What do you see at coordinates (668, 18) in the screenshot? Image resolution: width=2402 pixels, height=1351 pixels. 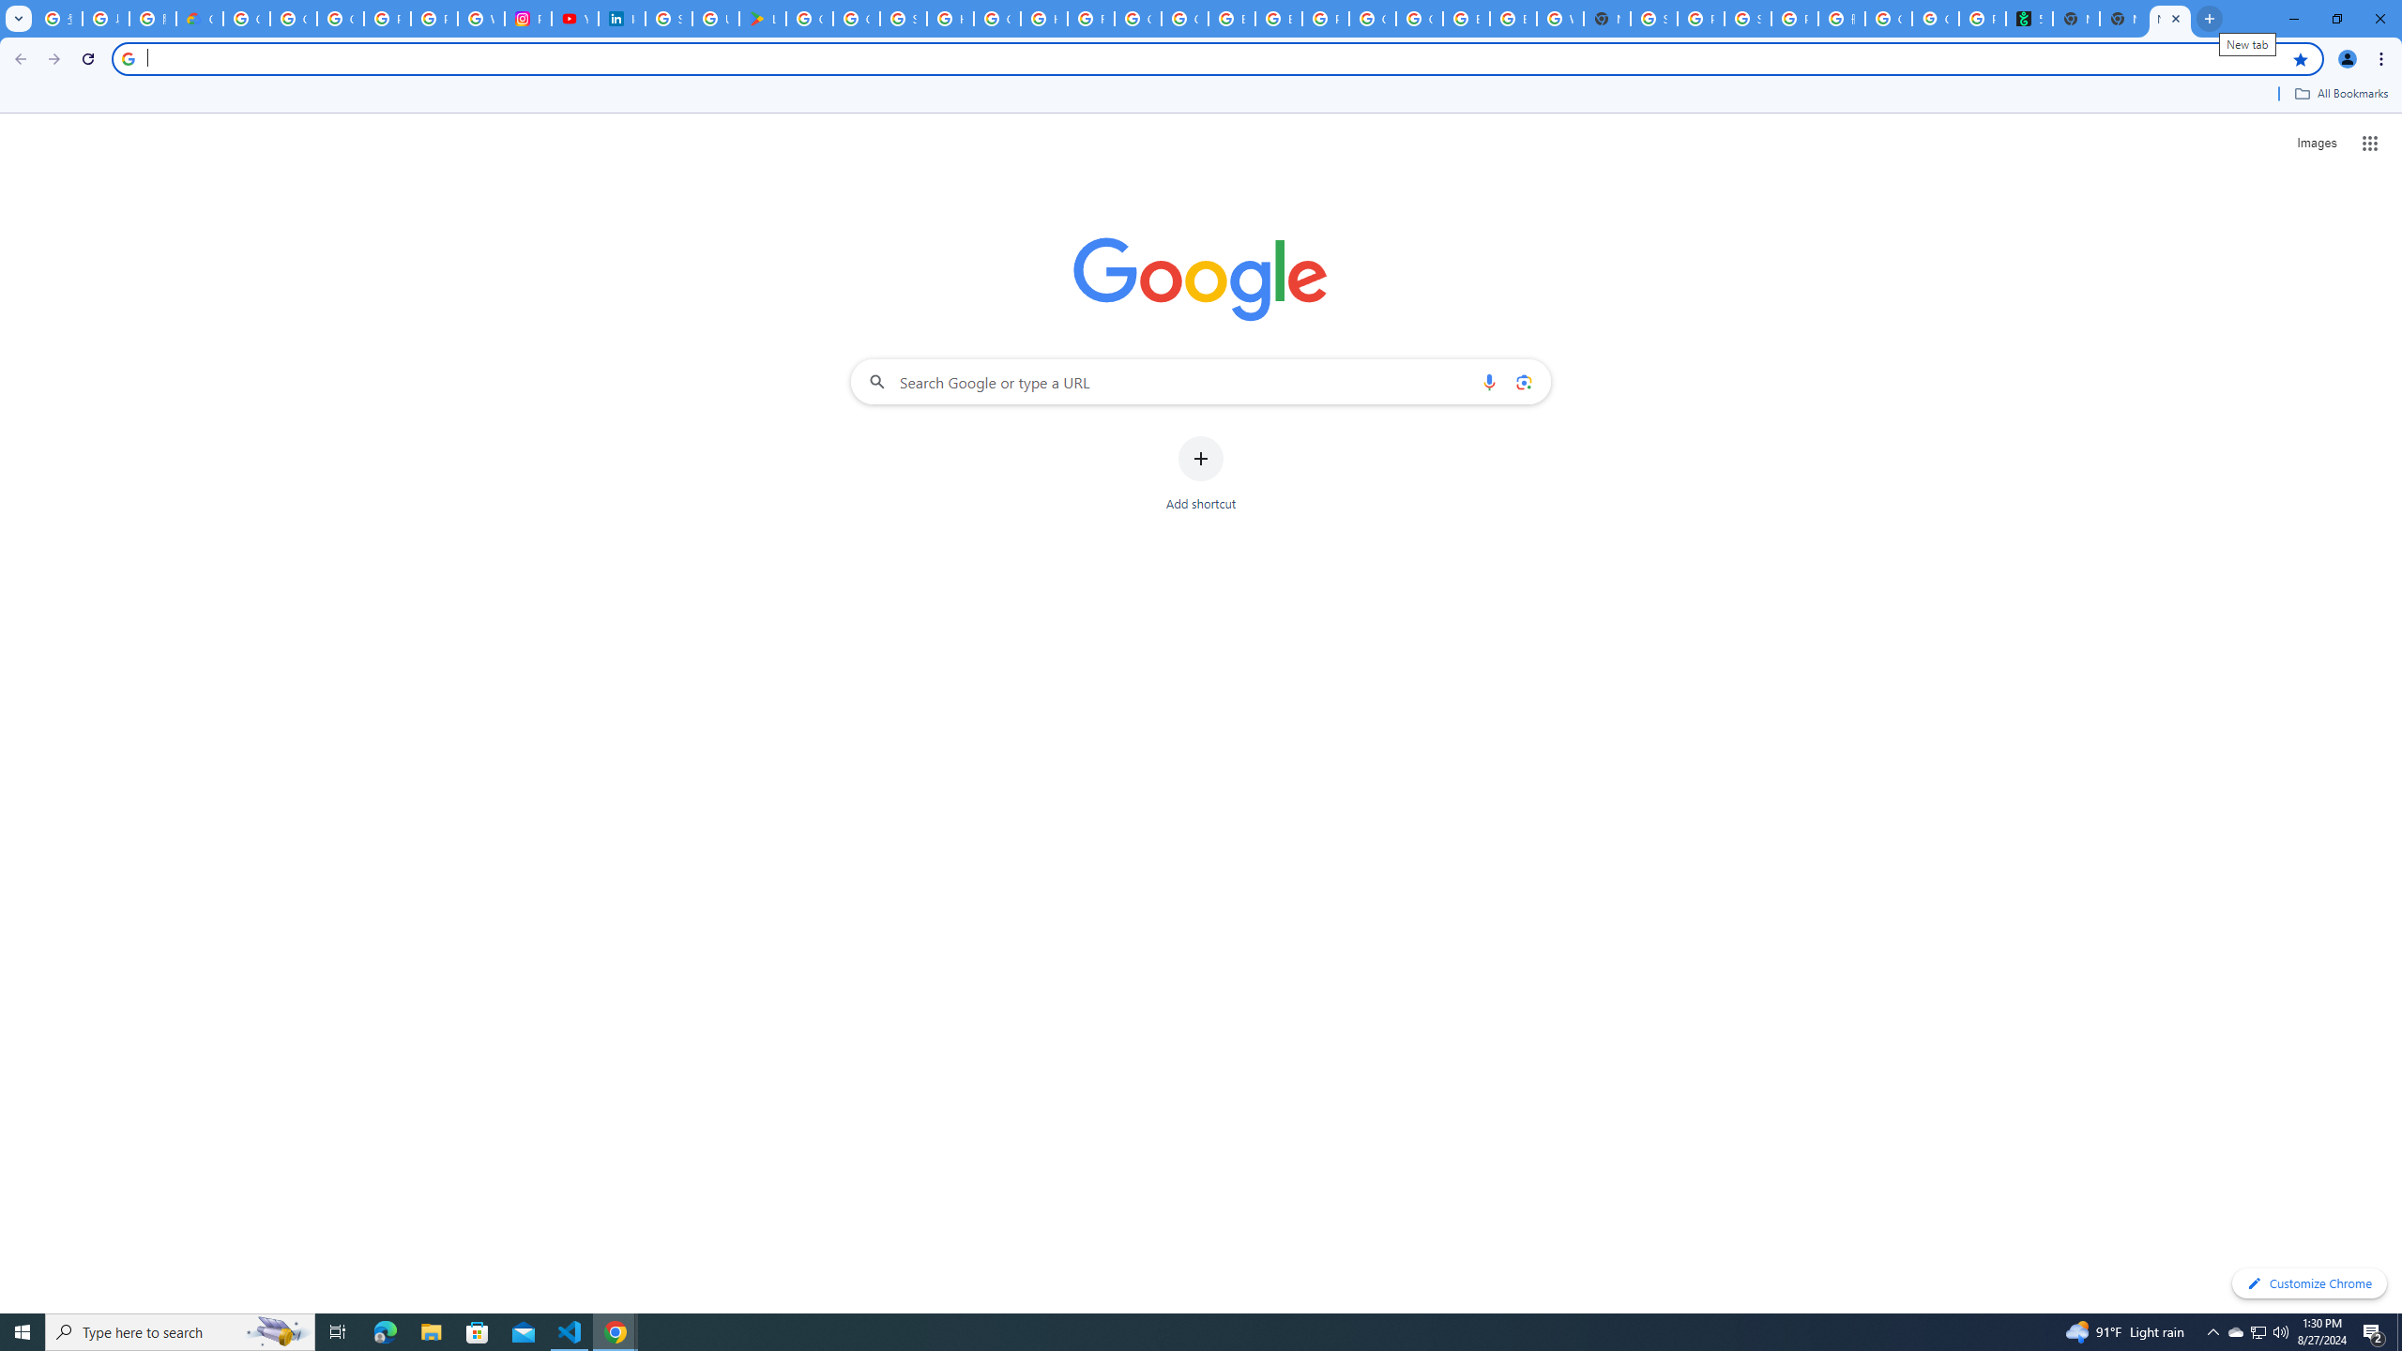 I see `'Sign in - Google Accounts'` at bounding box center [668, 18].